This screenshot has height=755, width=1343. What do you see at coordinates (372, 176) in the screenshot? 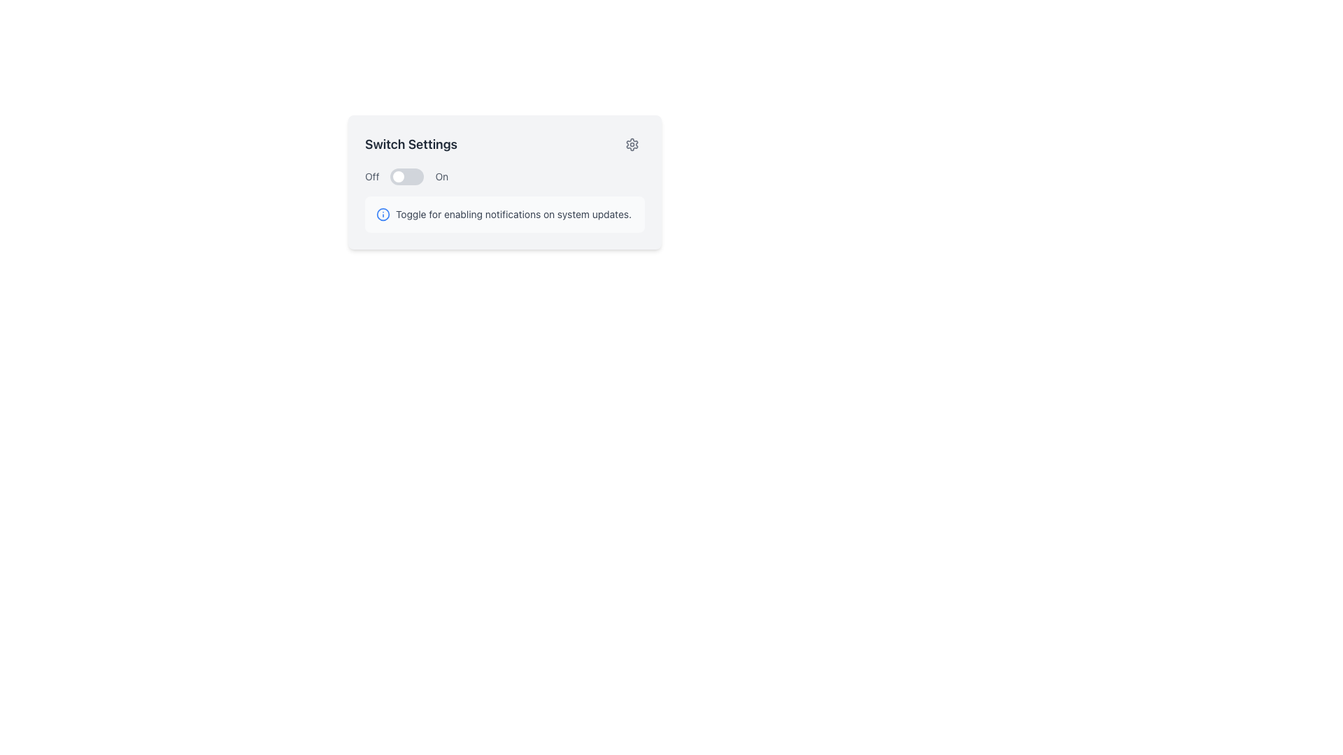
I see `the static text label indicating the status of the toggle switch when it is turned off, located on the left side of the switch control group` at bounding box center [372, 176].